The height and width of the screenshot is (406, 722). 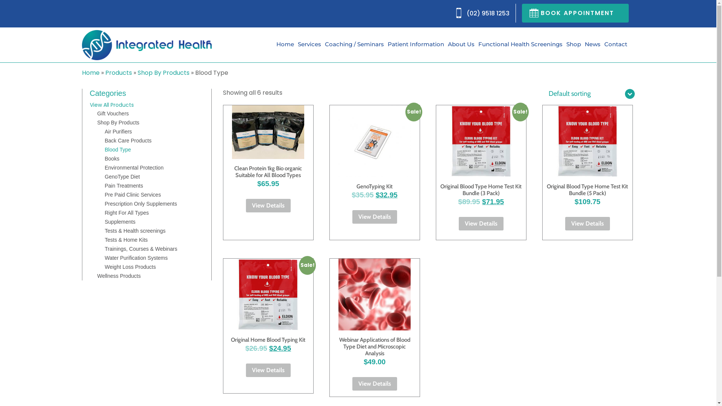 What do you see at coordinates (128, 141) in the screenshot?
I see `'Back Care Products'` at bounding box center [128, 141].